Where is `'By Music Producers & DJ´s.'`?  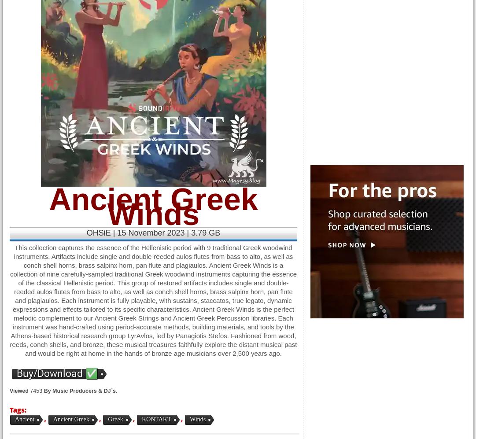 'By Music Producers & DJ´s.' is located at coordinates (80, 391).